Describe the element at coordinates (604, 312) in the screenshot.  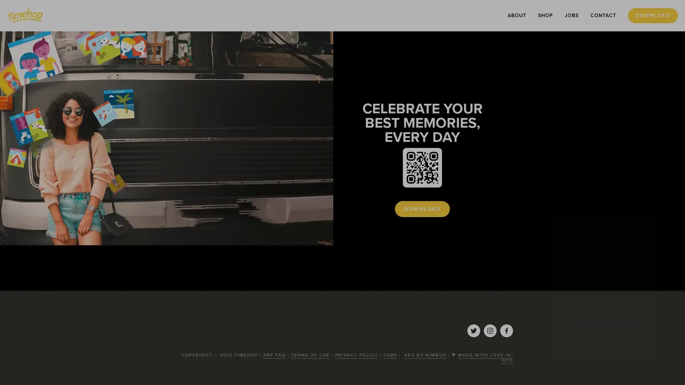
I see `SUBSCRIBE` at that location.